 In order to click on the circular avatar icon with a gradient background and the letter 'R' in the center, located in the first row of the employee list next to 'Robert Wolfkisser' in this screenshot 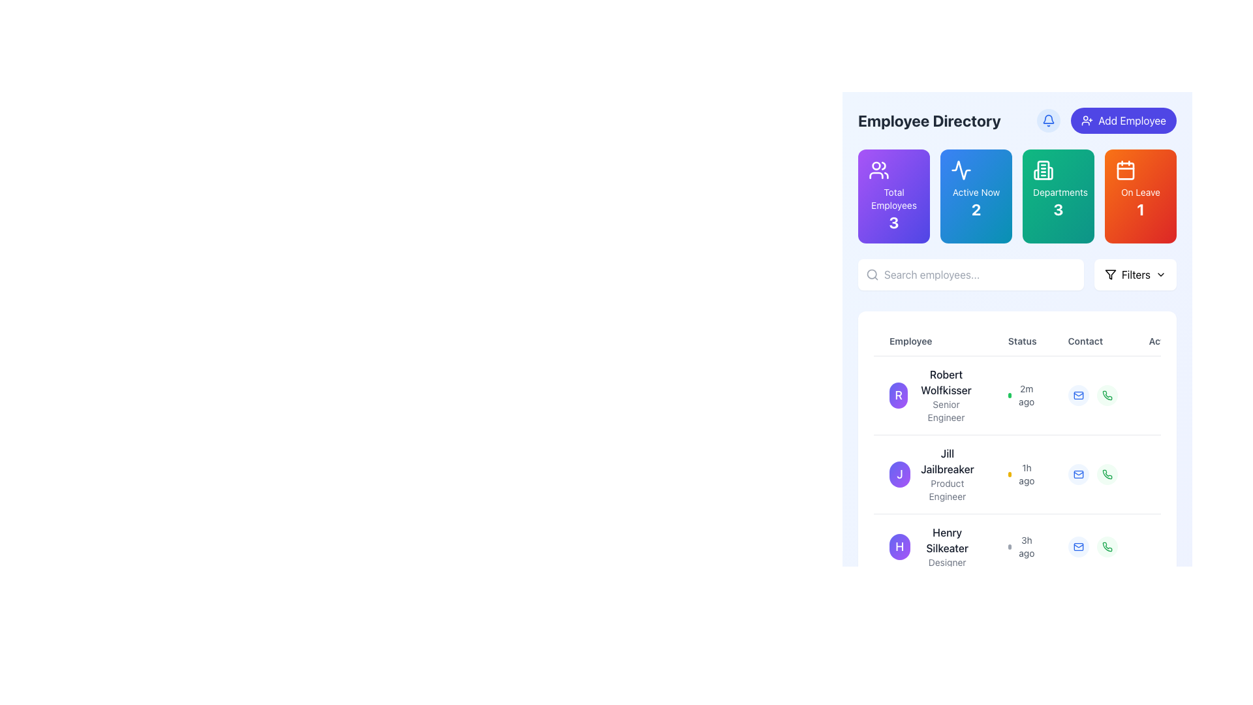, I will do `click(898, 394)`.